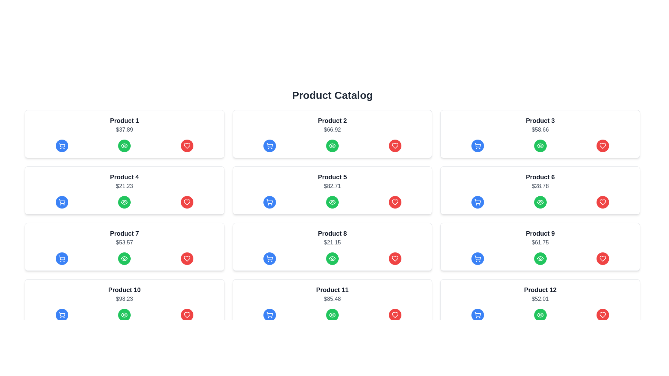 The width and height of the screenshot is (669, 376). I want to click on text value displayed in the text label styled with gray color that shows '$28.78', located within the 'Product 6' card beneath the title 'Product 6', so click(540, 186).